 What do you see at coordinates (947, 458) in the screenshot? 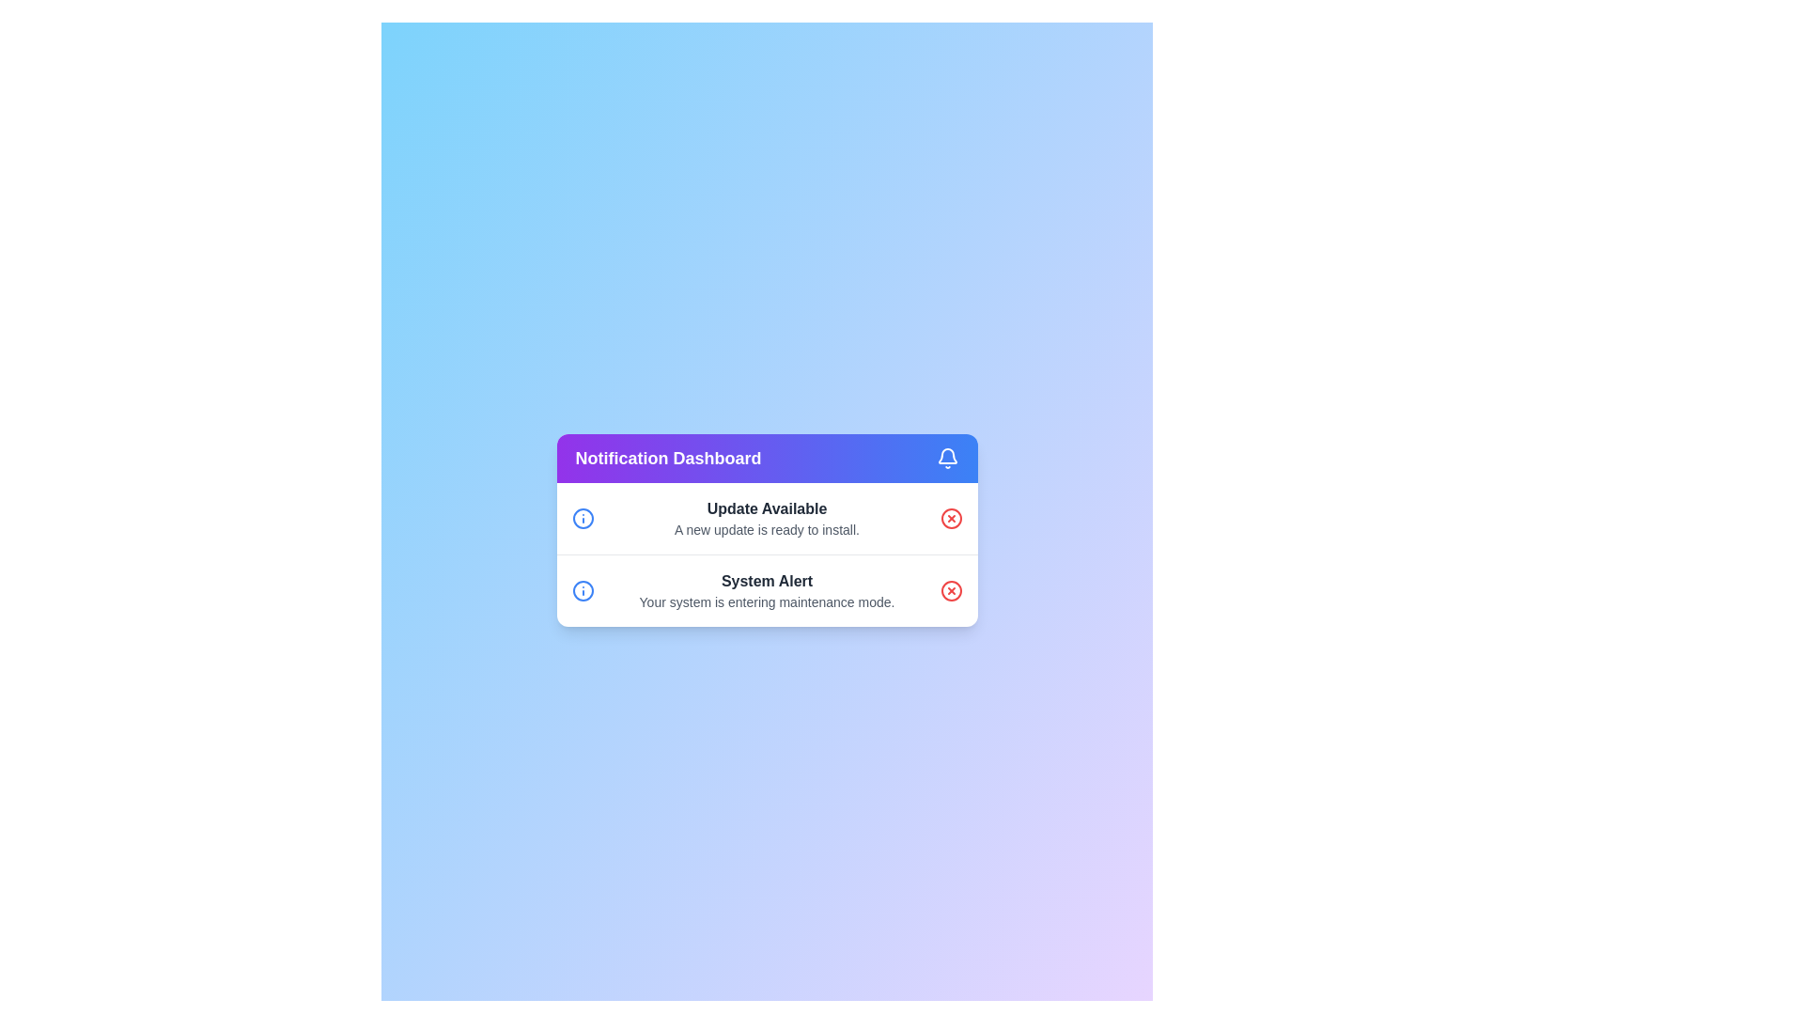
I see `the bell icon indicating notifications, located in the top-right corner of the Notification Dashboard, to the right of the title text` at bounding box center [947, 458].